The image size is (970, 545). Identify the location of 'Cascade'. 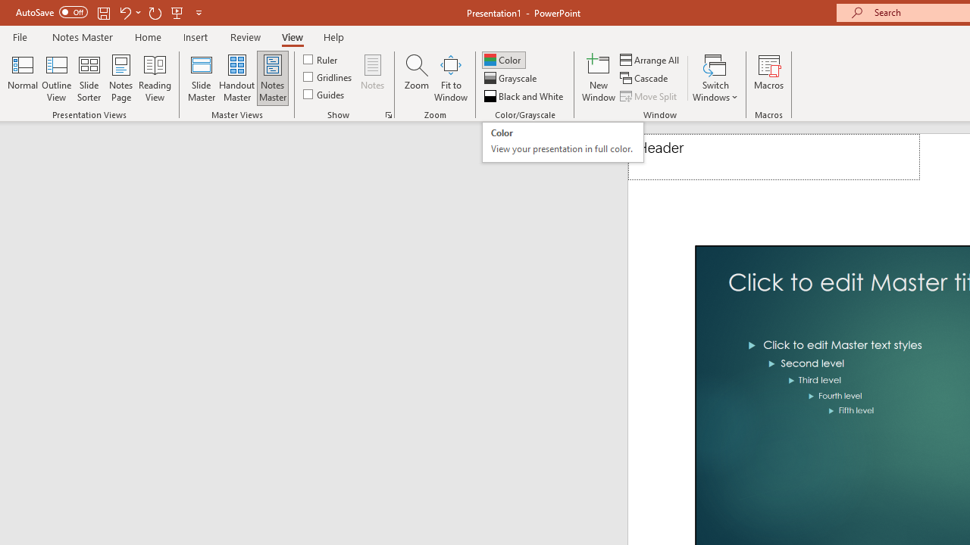
(645, 78).